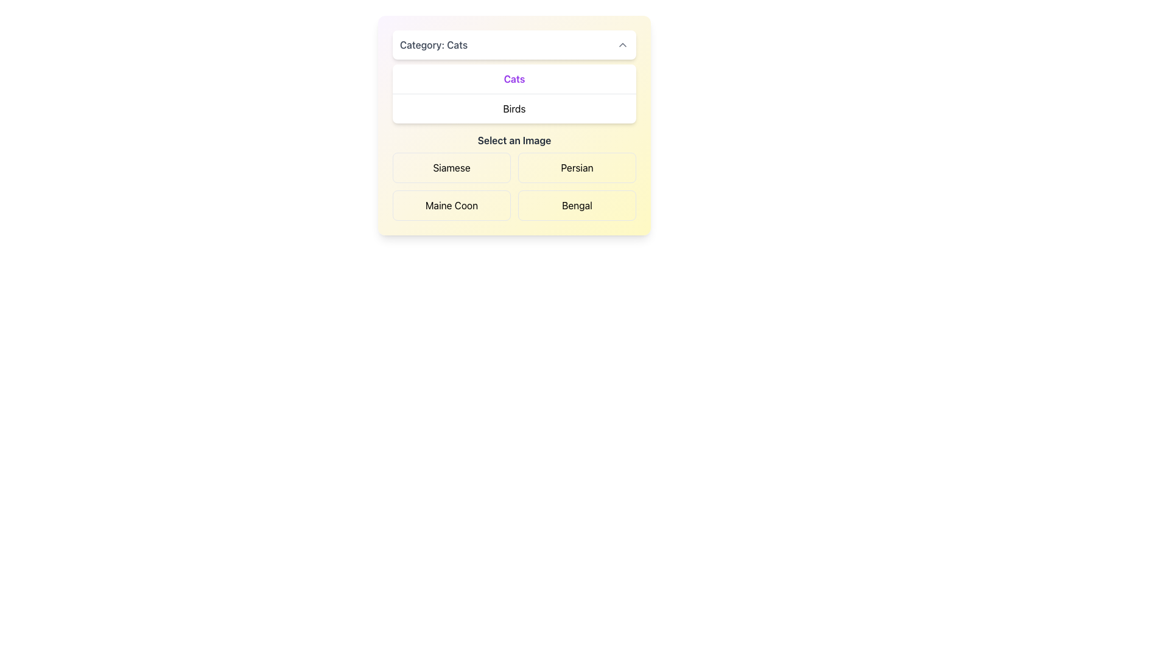  What do you see at coordinates (577, 205) in the screenshot?
I see `the selectable option button located in the second row and second column of the grid to trigger a visual effect` at bounding box center [577, 205].